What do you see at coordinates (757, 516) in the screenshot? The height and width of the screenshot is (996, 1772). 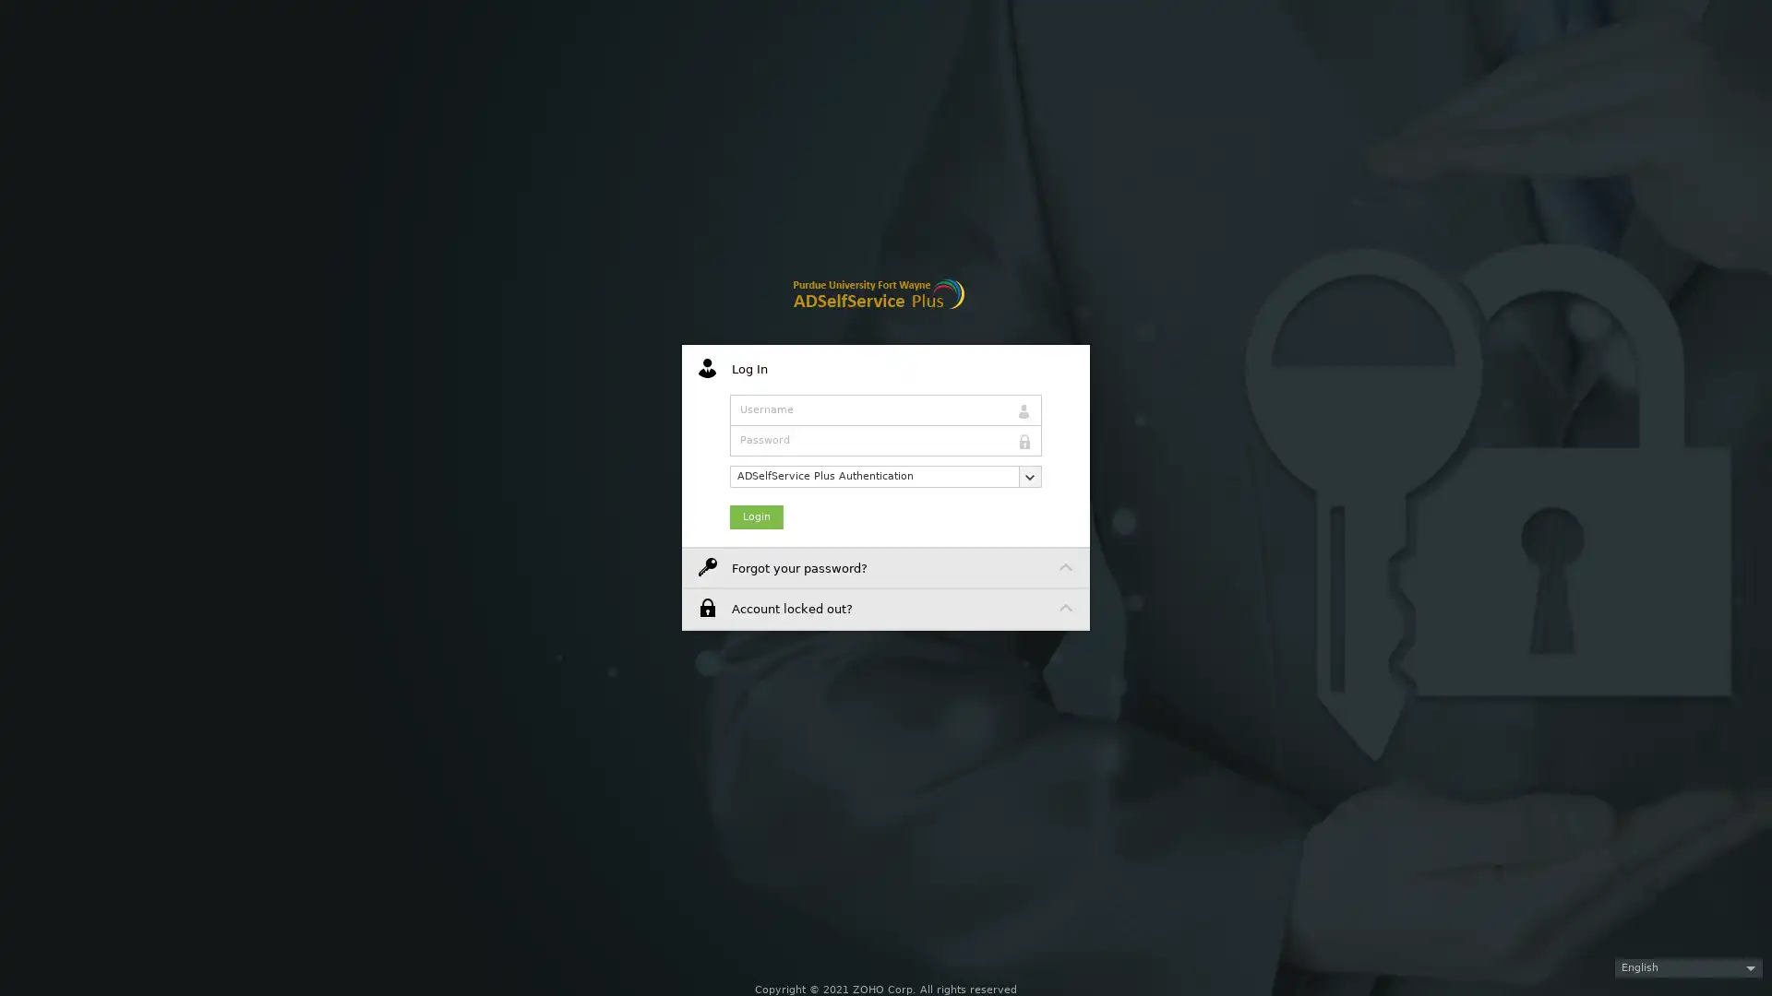 I see `Login` at bounding box center [757, 516].